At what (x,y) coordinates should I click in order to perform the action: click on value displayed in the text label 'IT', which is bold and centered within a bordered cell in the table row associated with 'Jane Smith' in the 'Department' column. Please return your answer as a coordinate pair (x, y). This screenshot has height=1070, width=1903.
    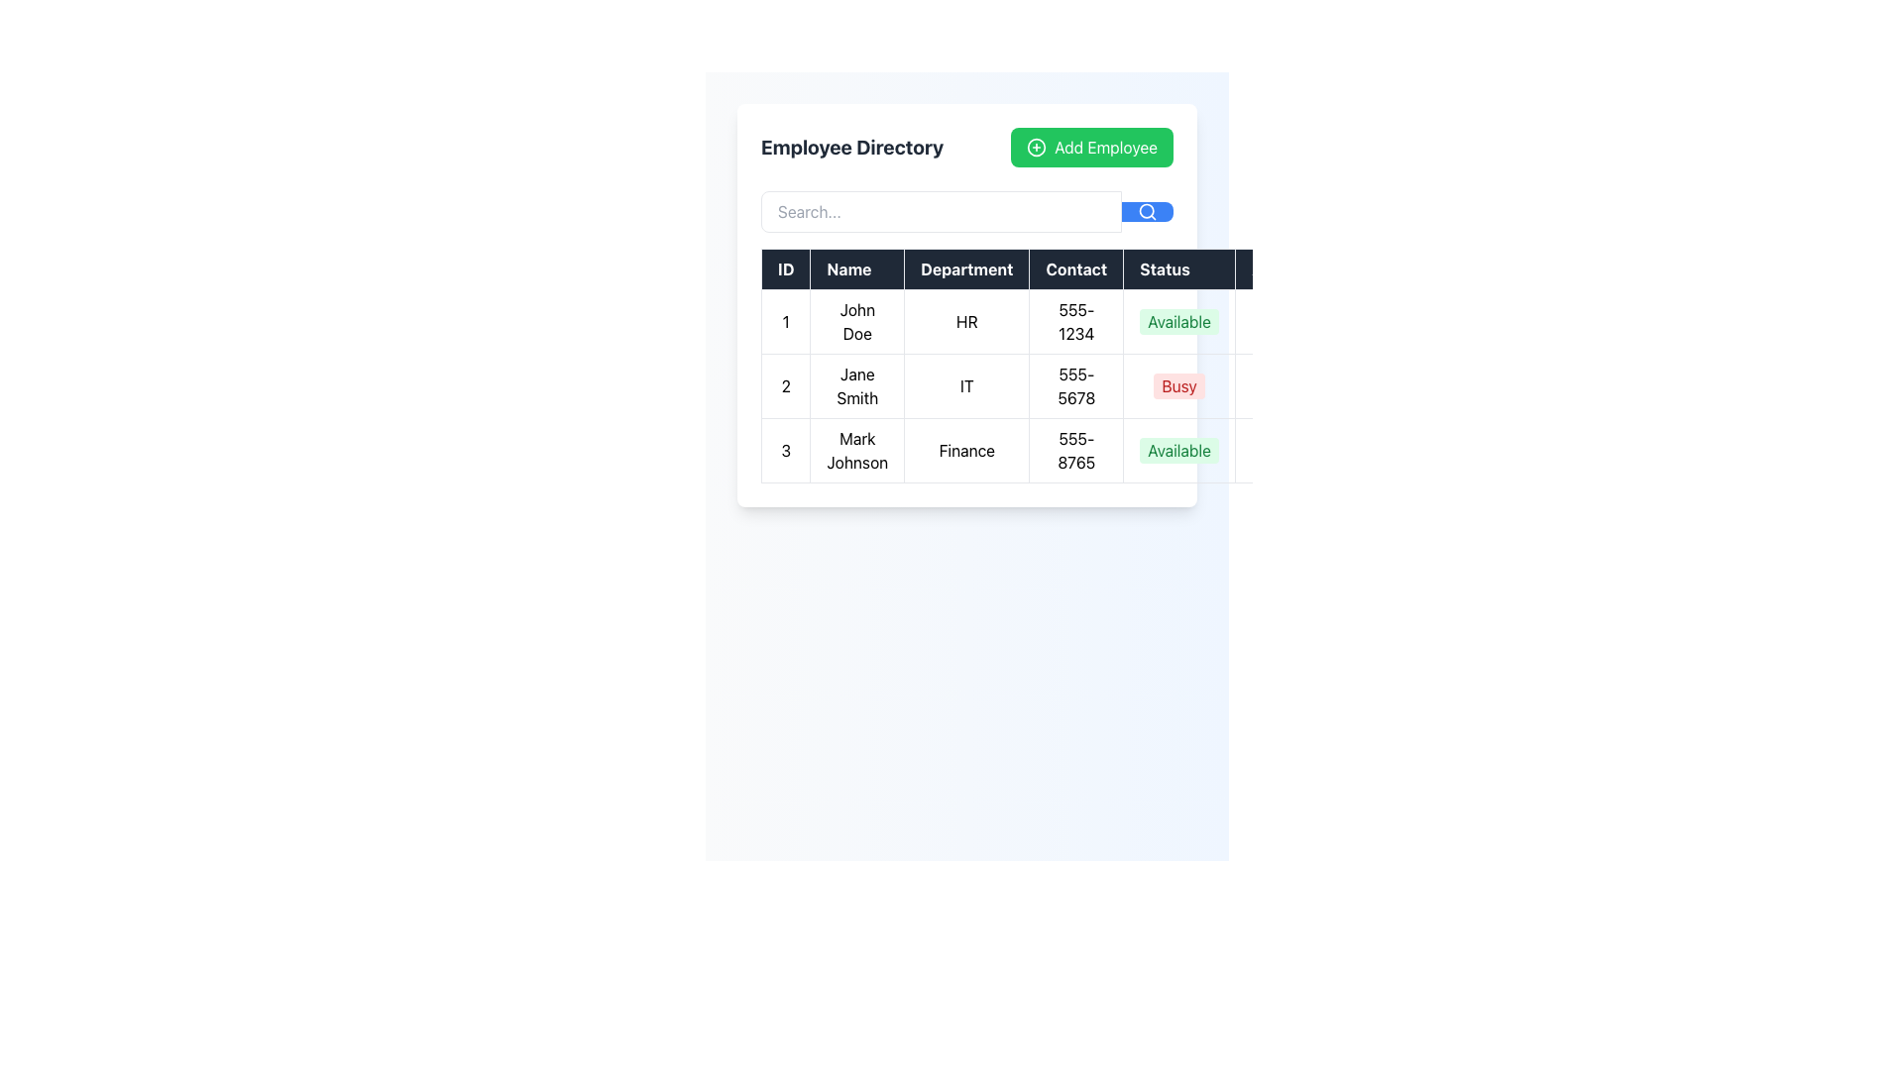
    Looking at the image, I should click on (966, 385).